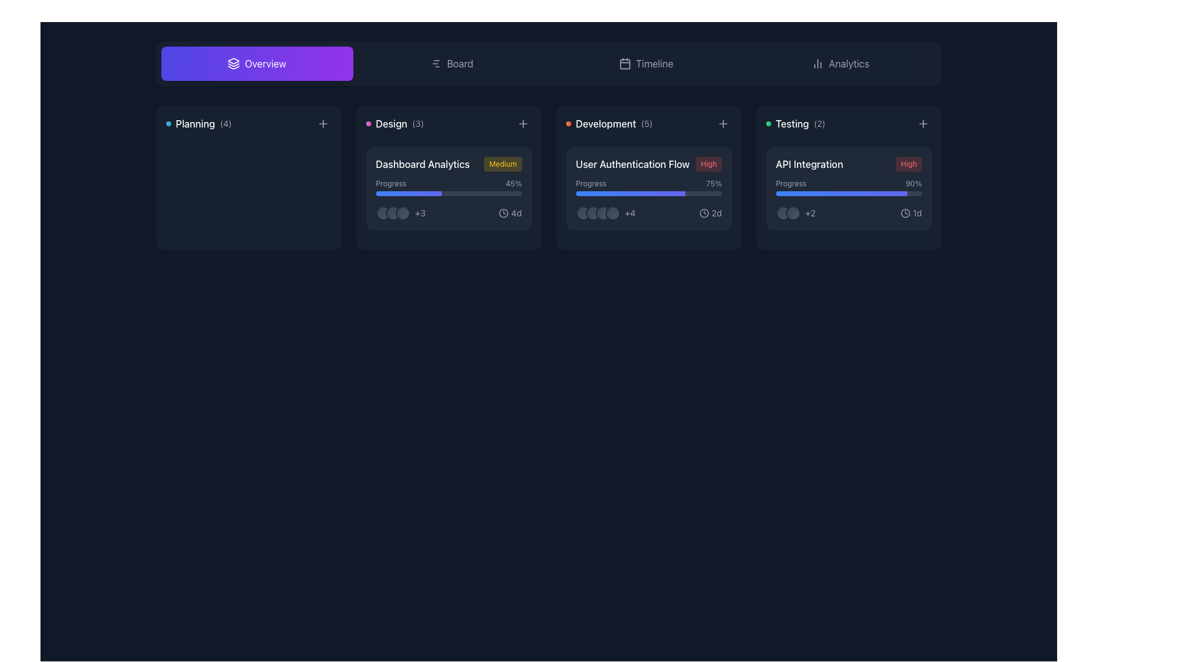  What do you see at coordinates (625, 64) in the screenshot?
I see `the decorative SVG rectangle that serves as the main body of the calendar icon located at the top center of the application interface` at bounding box center [625, 64].